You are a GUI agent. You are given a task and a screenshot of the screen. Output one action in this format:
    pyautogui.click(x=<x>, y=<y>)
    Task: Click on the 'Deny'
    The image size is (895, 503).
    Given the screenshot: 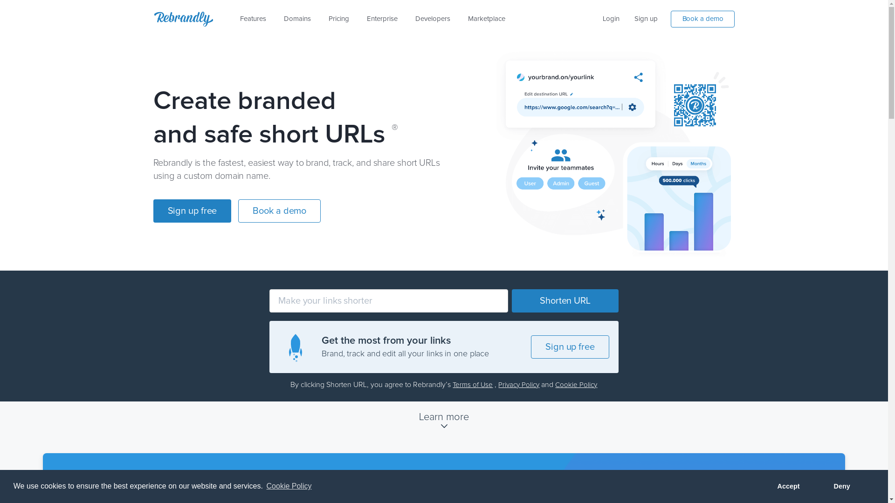 What is the action you would take?
    pyautogui.click(x=841, y=486)
    